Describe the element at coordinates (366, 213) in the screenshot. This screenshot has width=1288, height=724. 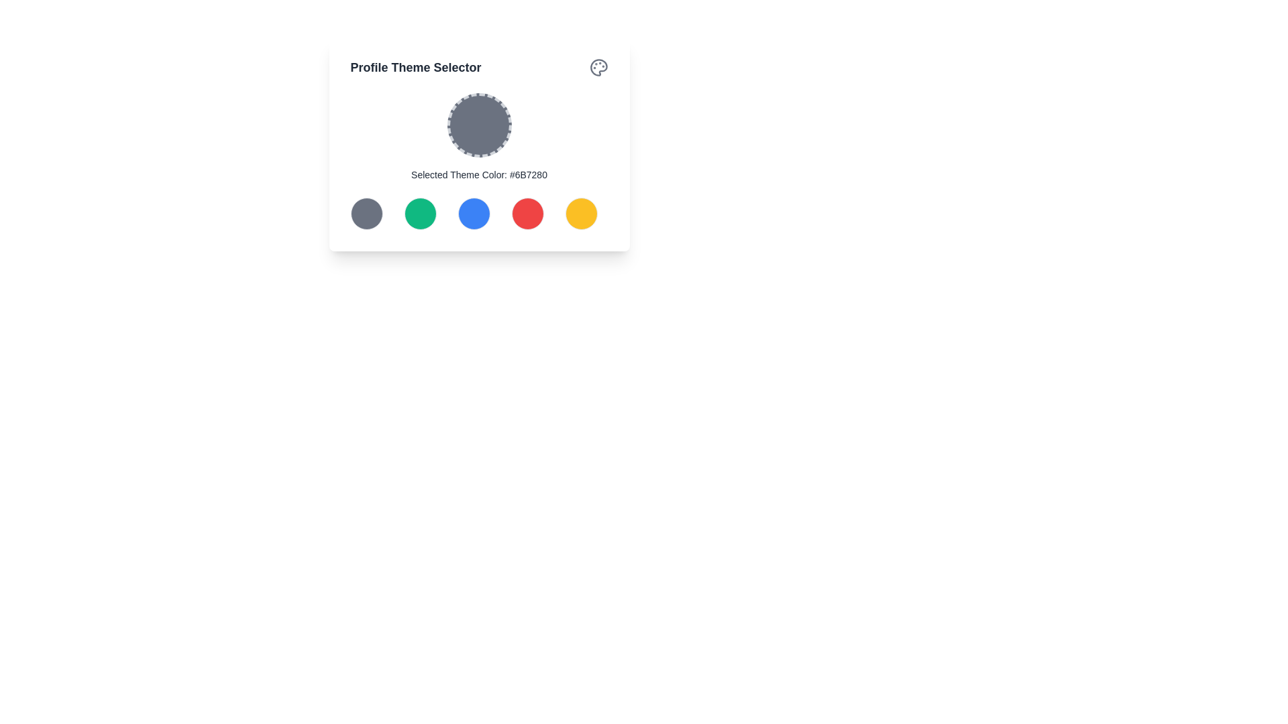
I see `the first circular button in the Profile Theme Selector` at that location.